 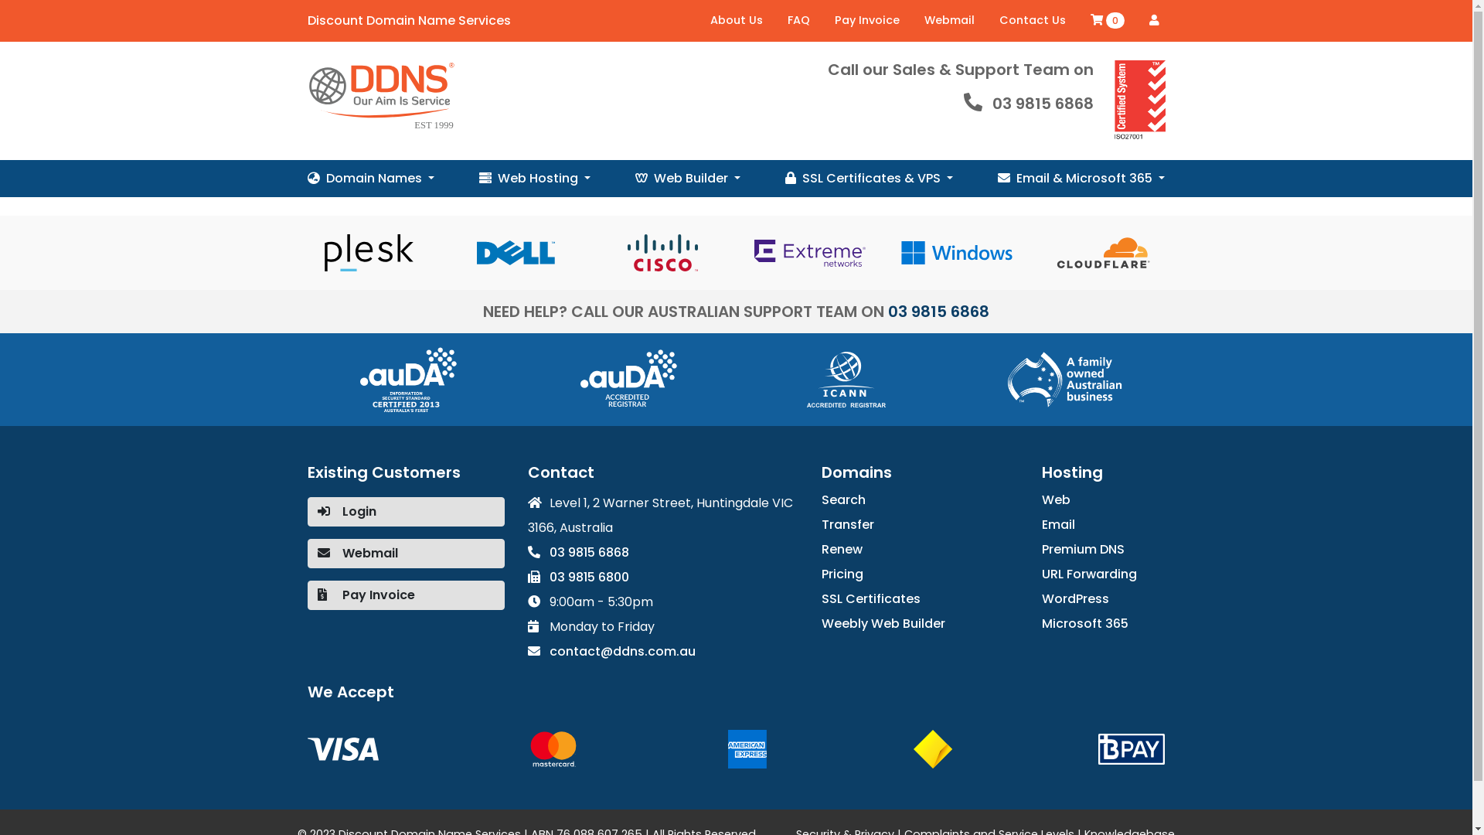 I want to click on 'URL Forwarding', so click(x=1102, y=574).